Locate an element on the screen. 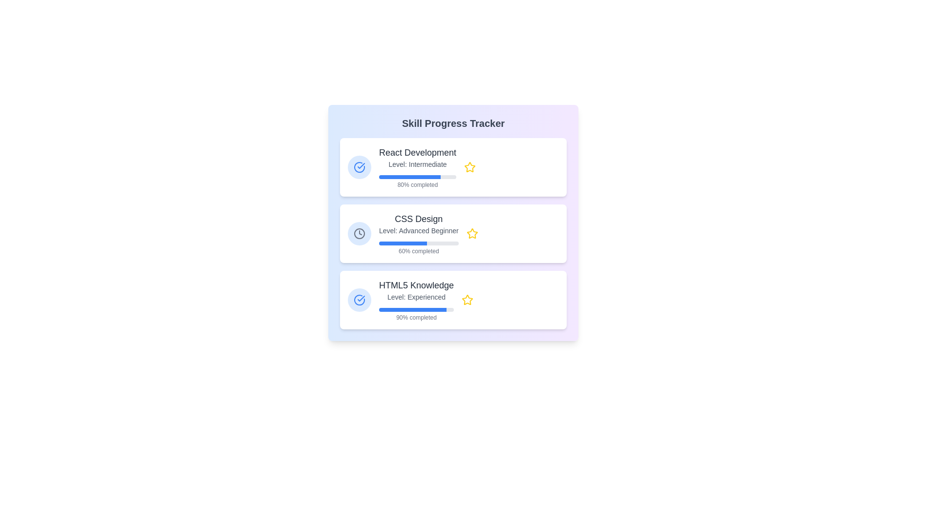 The width and height of the screenshot is (938, 527). the progress bar representing 60% completion for the CSS Design skill, located beneath the text 'CSS Design' and above the label '60% completed.' is located at coordinates (419, 243).